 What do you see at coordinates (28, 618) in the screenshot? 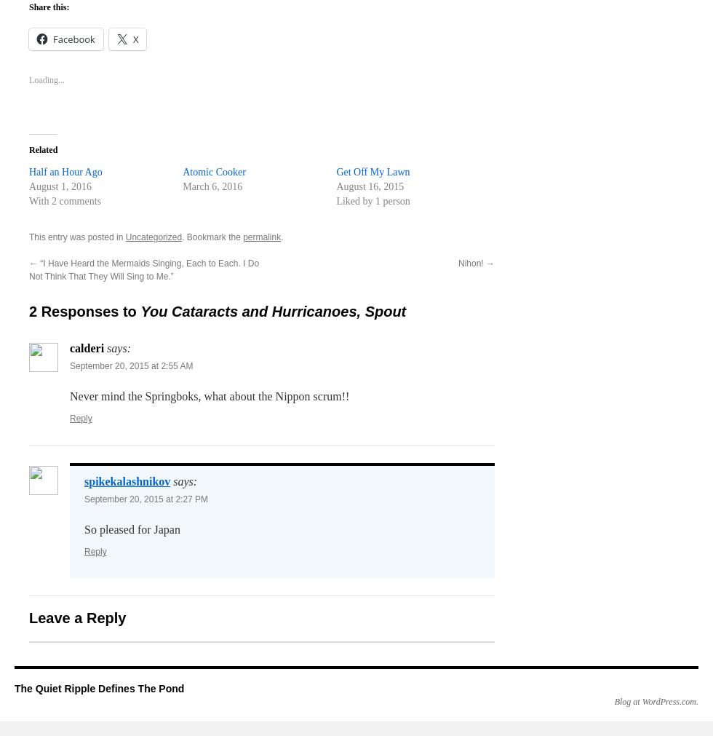
I see `'Leave a Reply'` at bounding box center [28, 618].